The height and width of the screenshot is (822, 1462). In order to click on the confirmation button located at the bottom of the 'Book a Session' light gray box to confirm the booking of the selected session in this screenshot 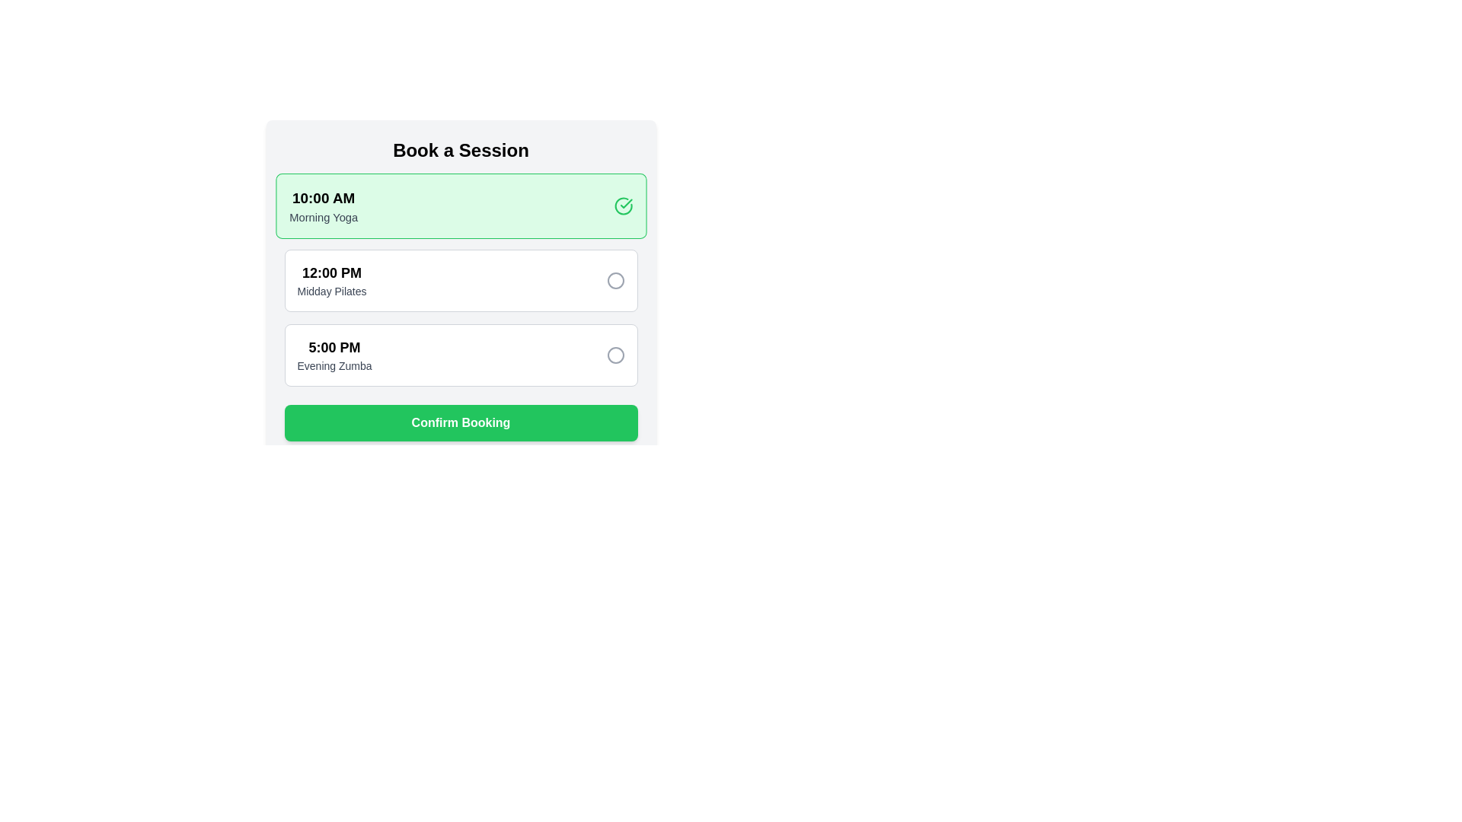, I will do `click(460, 422)`.